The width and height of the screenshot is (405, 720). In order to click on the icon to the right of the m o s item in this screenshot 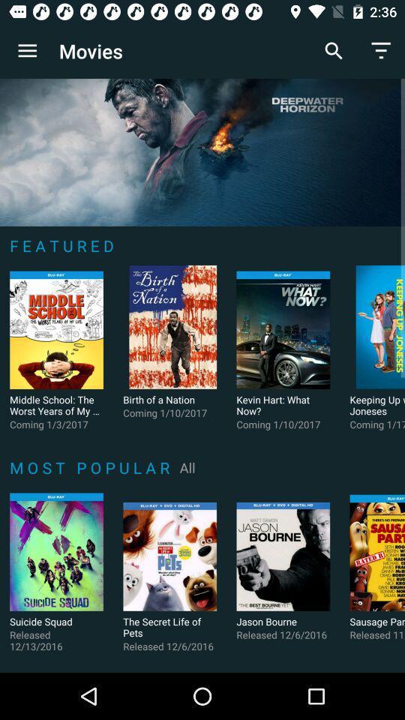, I will do `click(187, 466)`.